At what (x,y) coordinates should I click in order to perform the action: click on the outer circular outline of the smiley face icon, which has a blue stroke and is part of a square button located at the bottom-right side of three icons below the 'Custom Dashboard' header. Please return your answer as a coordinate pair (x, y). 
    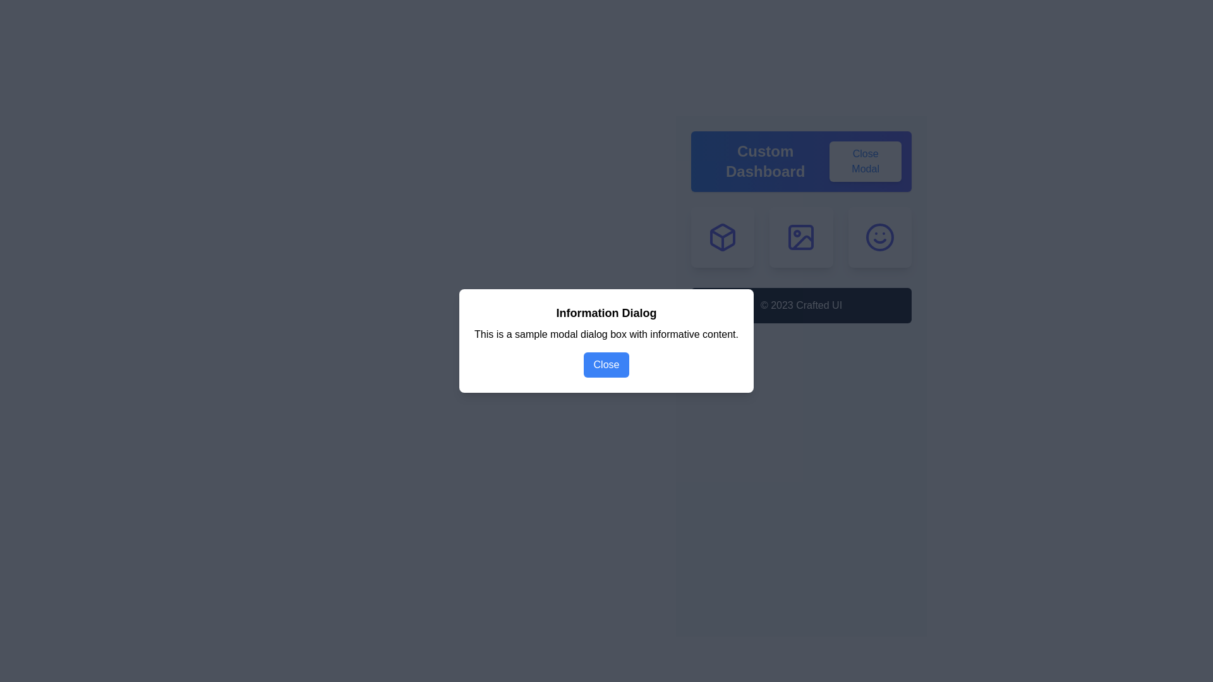
    Looking at the image, I should click on (879, 237).